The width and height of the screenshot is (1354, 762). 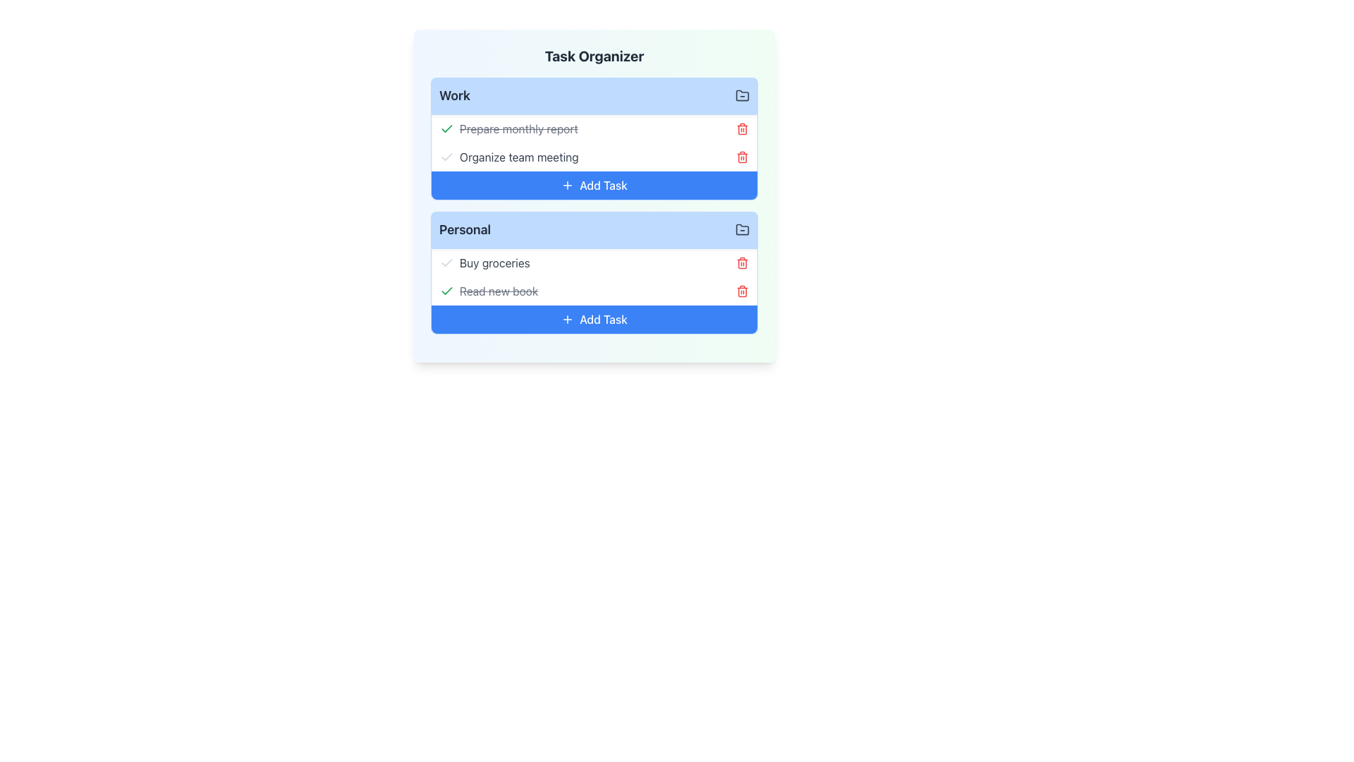 What do you see at coordinates (594, 56) in the screenshot?
I see `the 'Task Organizer' text label, which is bold and centered at the top of its card with a gradient background` at bounding box center [594, 56].